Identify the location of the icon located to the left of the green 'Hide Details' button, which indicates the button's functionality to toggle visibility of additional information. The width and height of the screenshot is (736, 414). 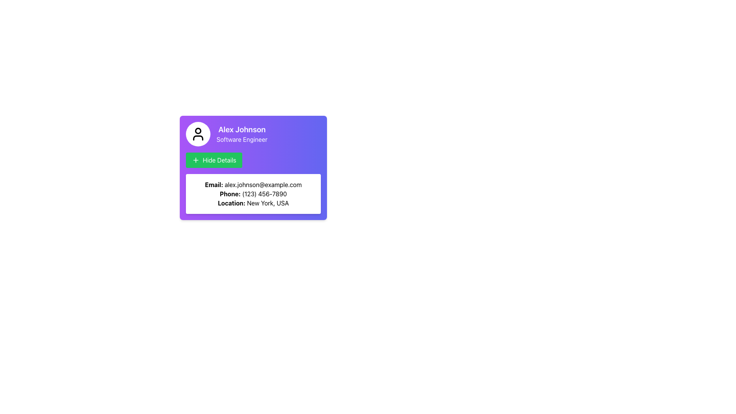
(195, 159).